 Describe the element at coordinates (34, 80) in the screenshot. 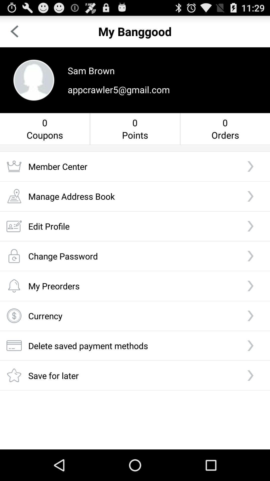

I see `my profile` at that location.